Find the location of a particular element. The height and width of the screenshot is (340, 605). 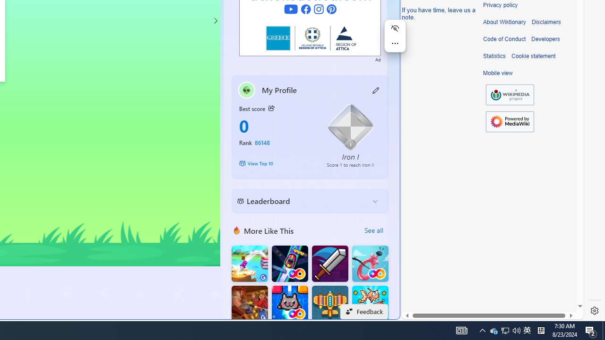

'Bumper Car FRVR' is located at coordinates (289, 263).